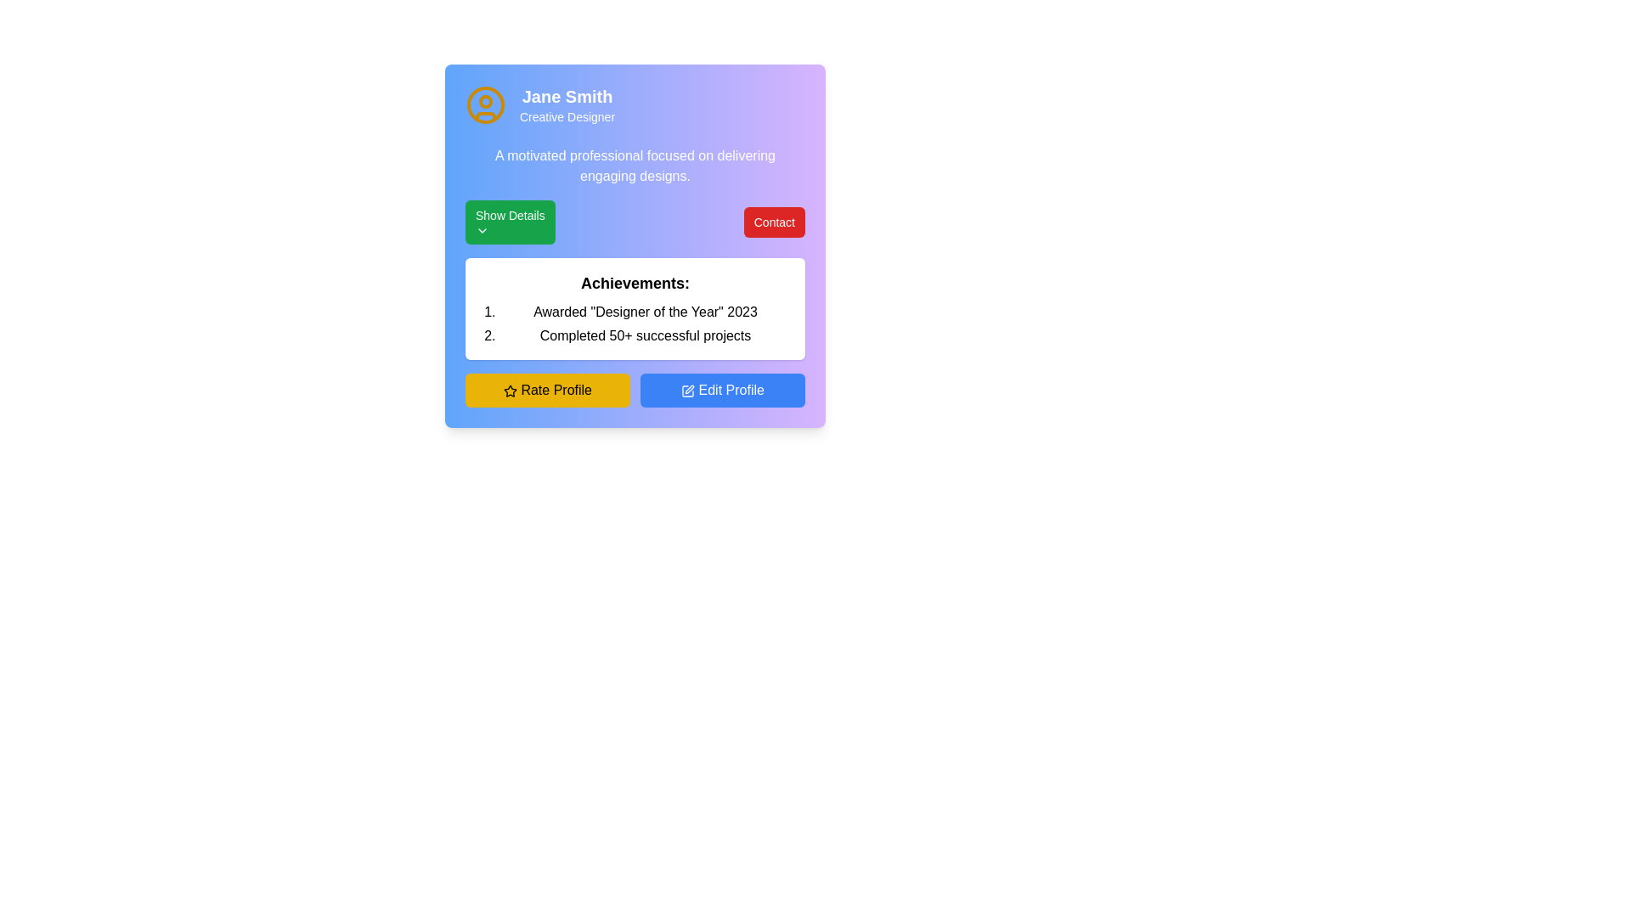 This screenshot has height=917, width=1631. I want to click on the circular graphical component that serves as the outer boundary of the user profile icon, rendered in an orange-yellow hue, located at the top-left corner of the user profile card, so click(484, 104).